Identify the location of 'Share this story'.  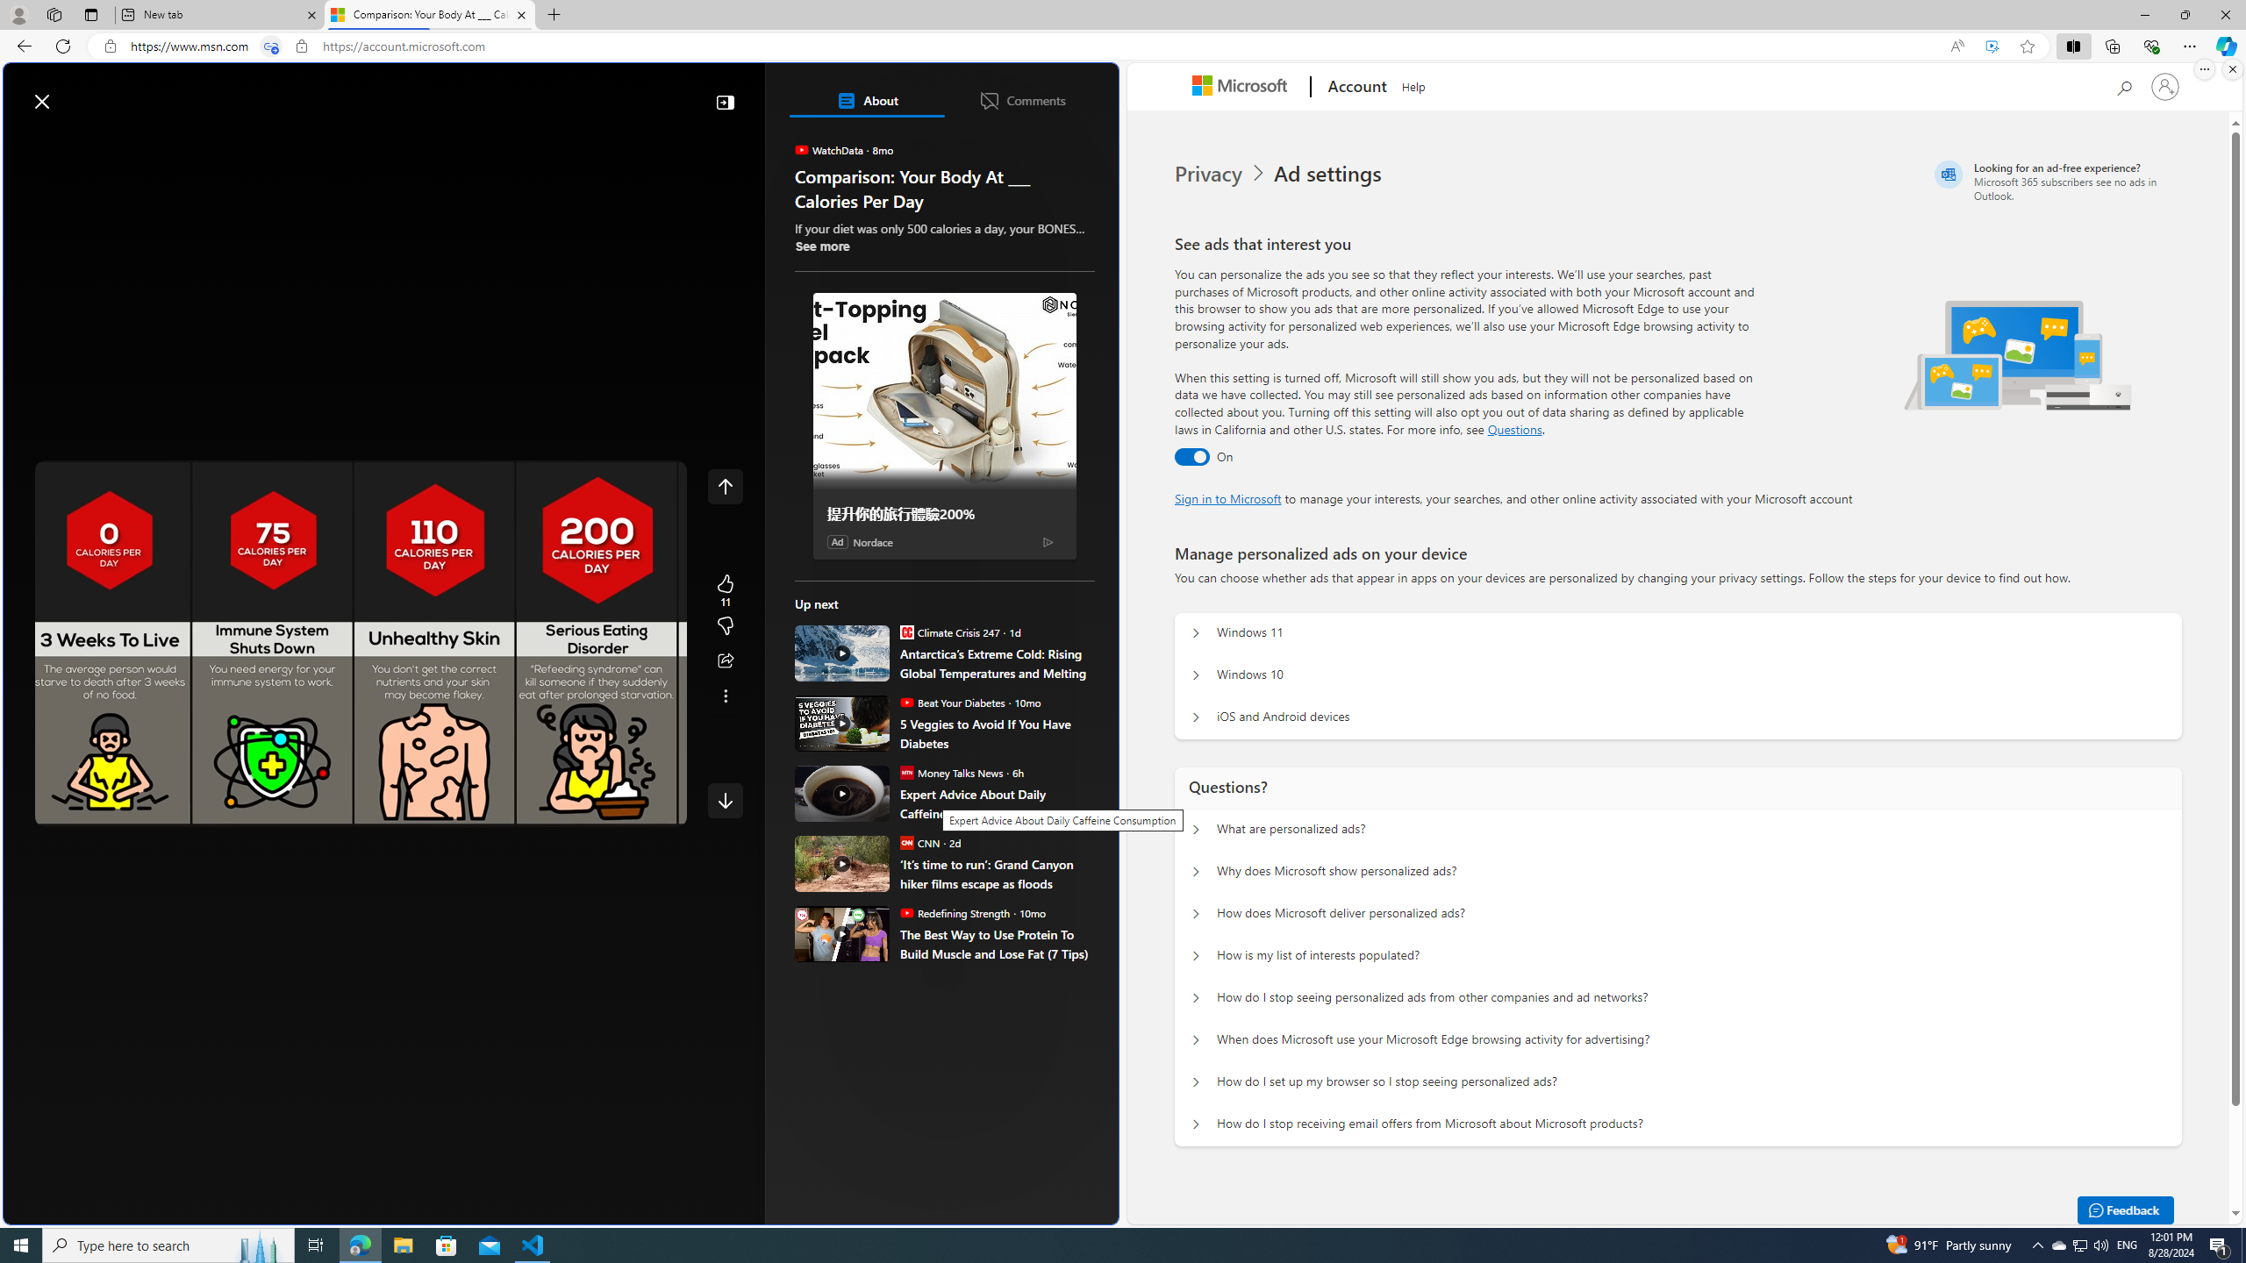
(725, 661).